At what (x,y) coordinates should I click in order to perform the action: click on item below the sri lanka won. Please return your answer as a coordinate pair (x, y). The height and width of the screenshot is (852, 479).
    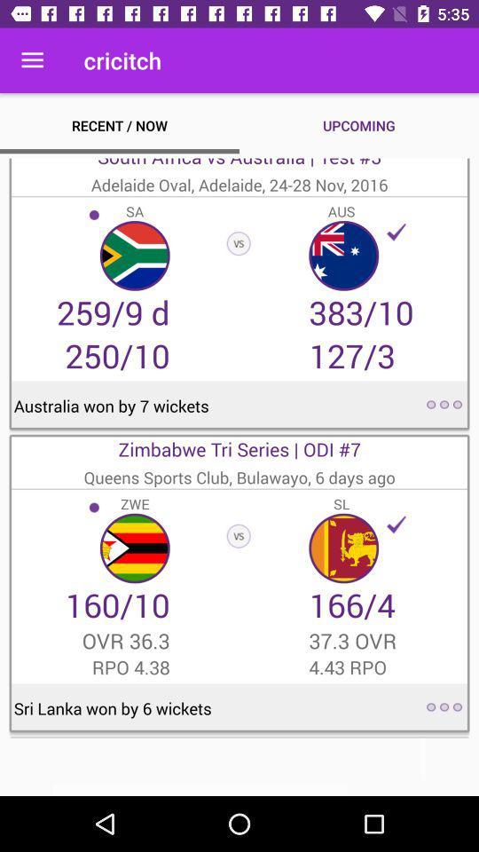
    Looking at the image, I should click on (239, 766).